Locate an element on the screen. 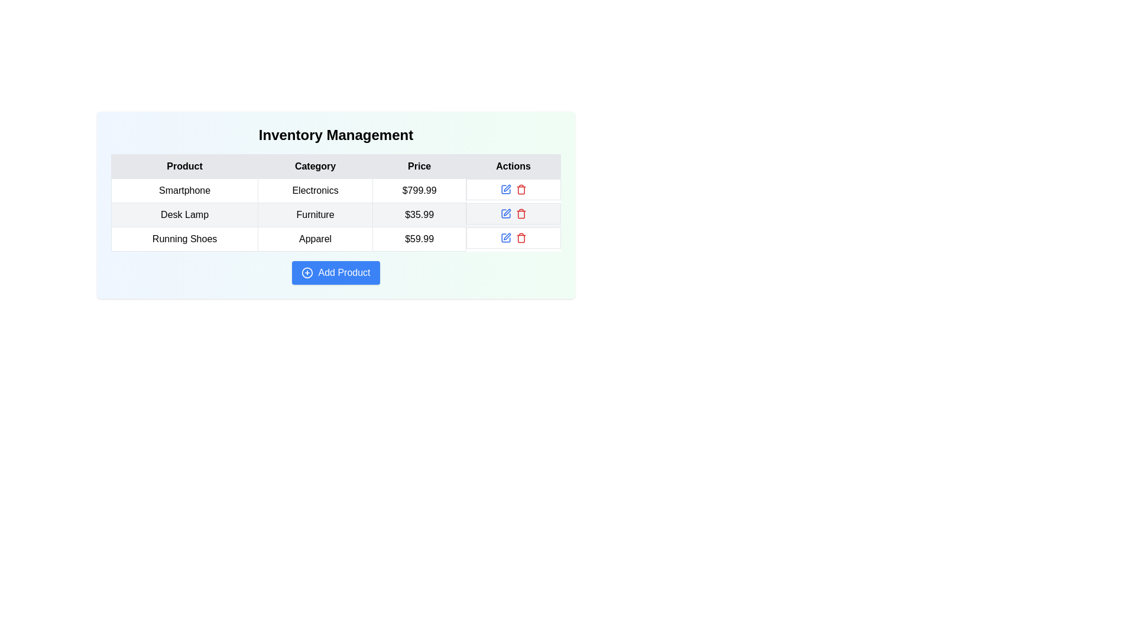 This screenshot has width=1135, height=638. the static text display cell showing the price '$35.99' in the second row and third column of the inventory management table is located at coordinates (419, 214).